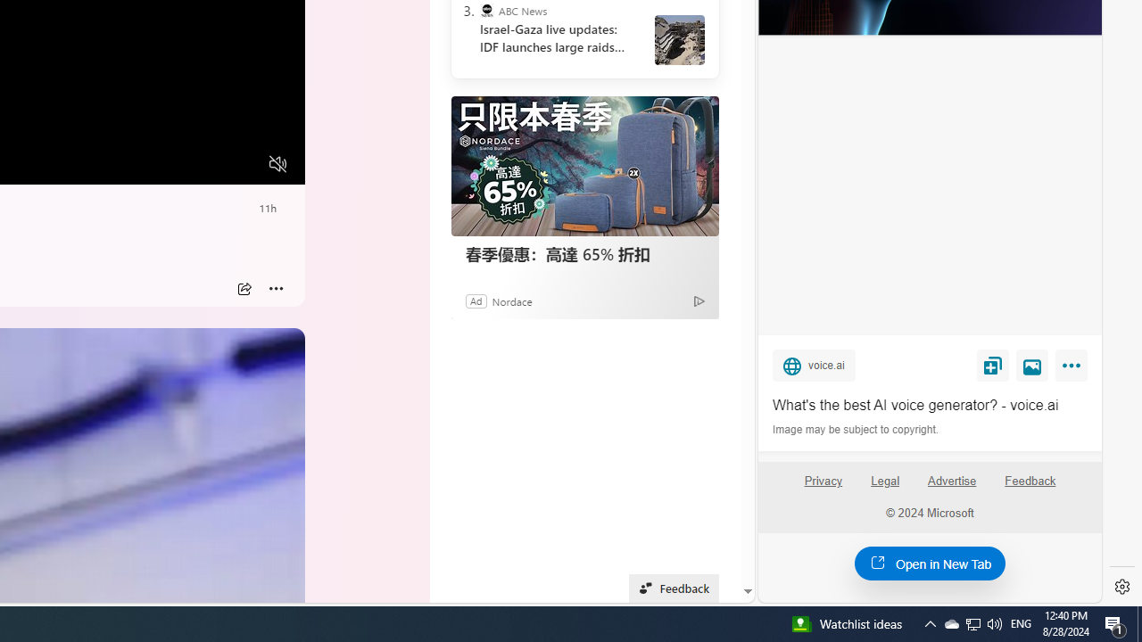  I want to click on 'Share', so click(244, 288).